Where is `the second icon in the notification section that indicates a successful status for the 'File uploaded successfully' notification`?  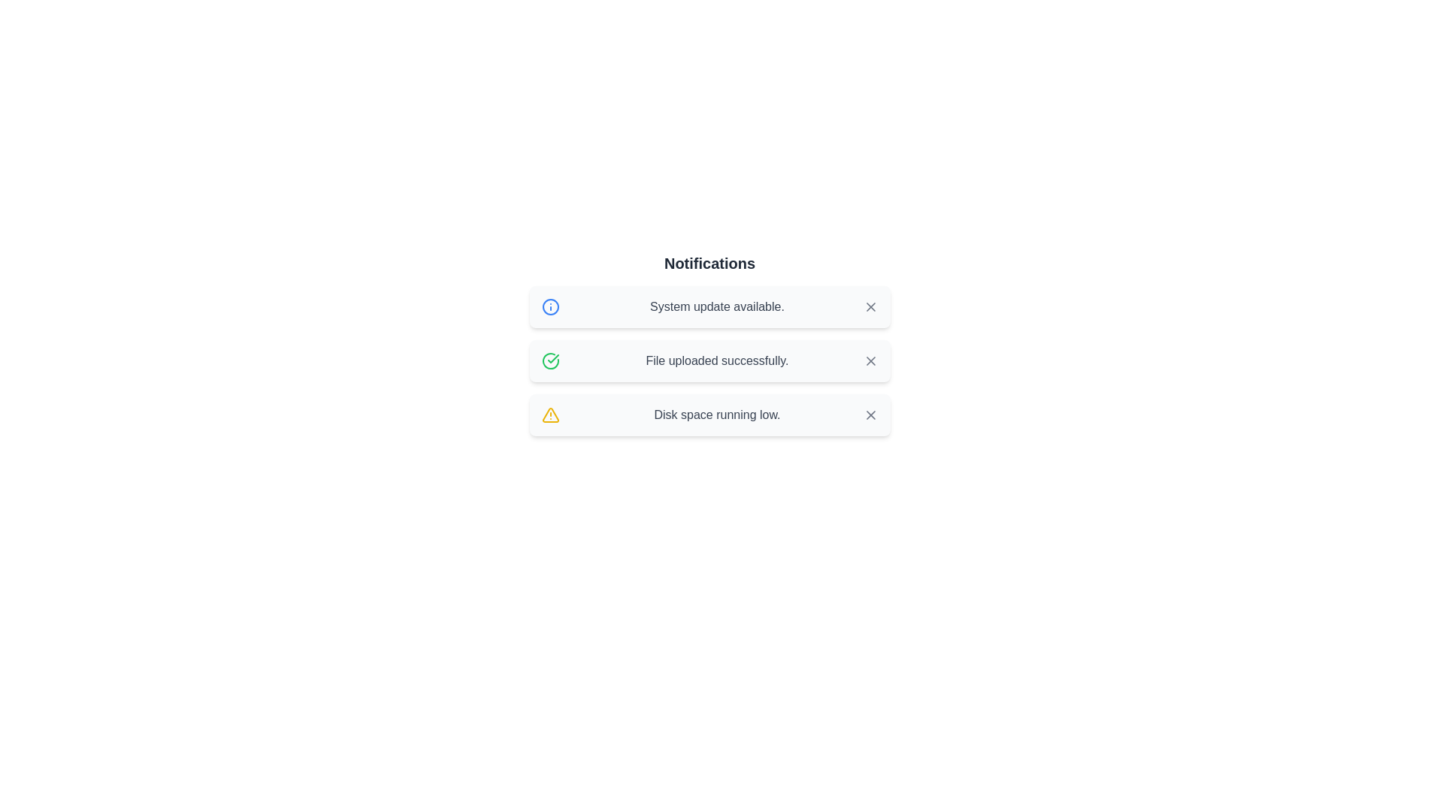
the second icon in the notification section that indicates a successful status for the 'File uploaded successfully' notification is located at coordinates (549, 361).